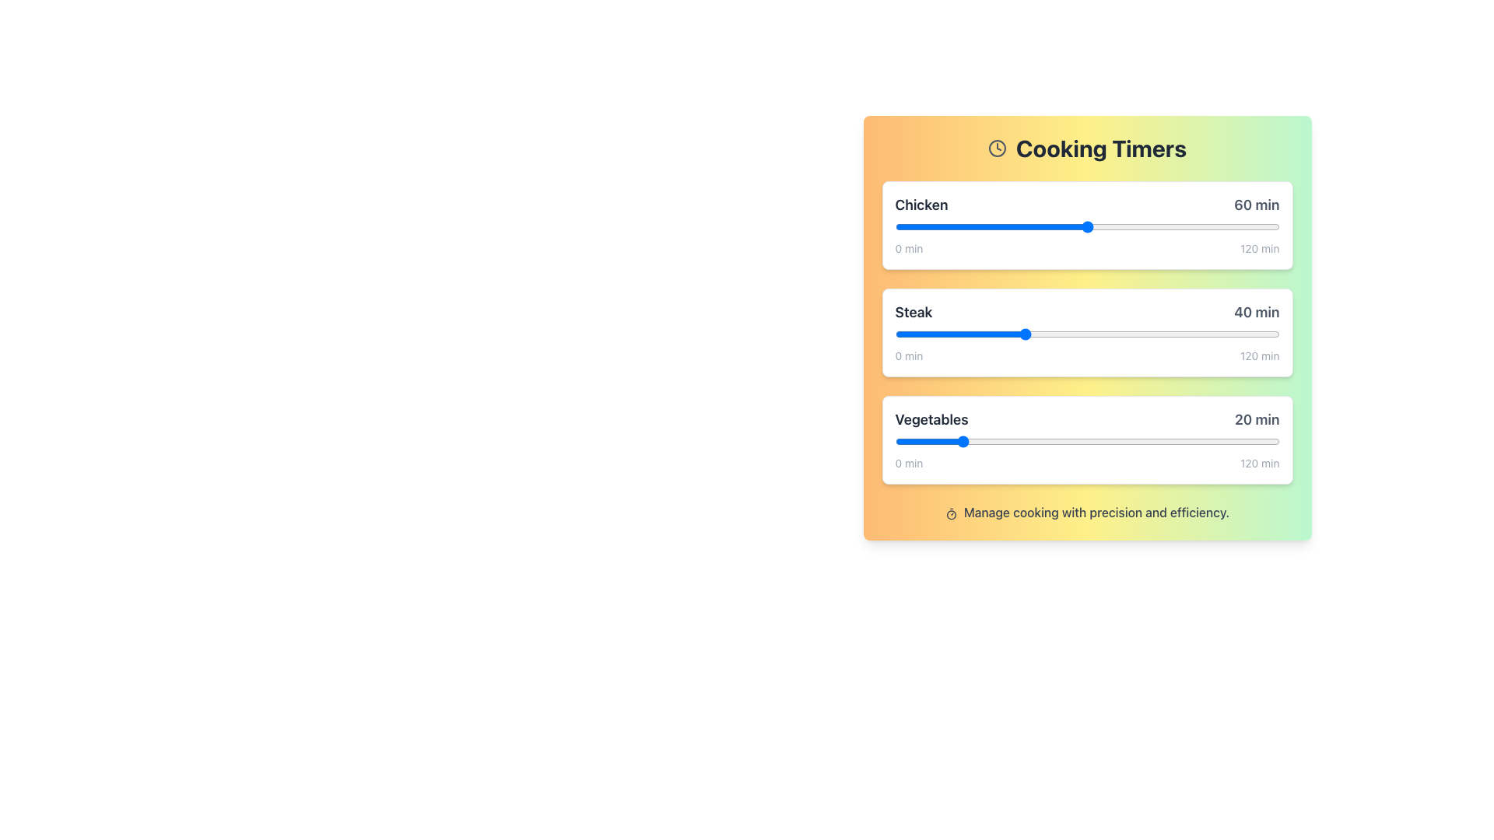 The width and height of the screenshot is (1494, 840). What do you see at coordinates (1266, 441) in the screenshot?
I see `the timer for vegetables` at bounding box center [1266, 441].